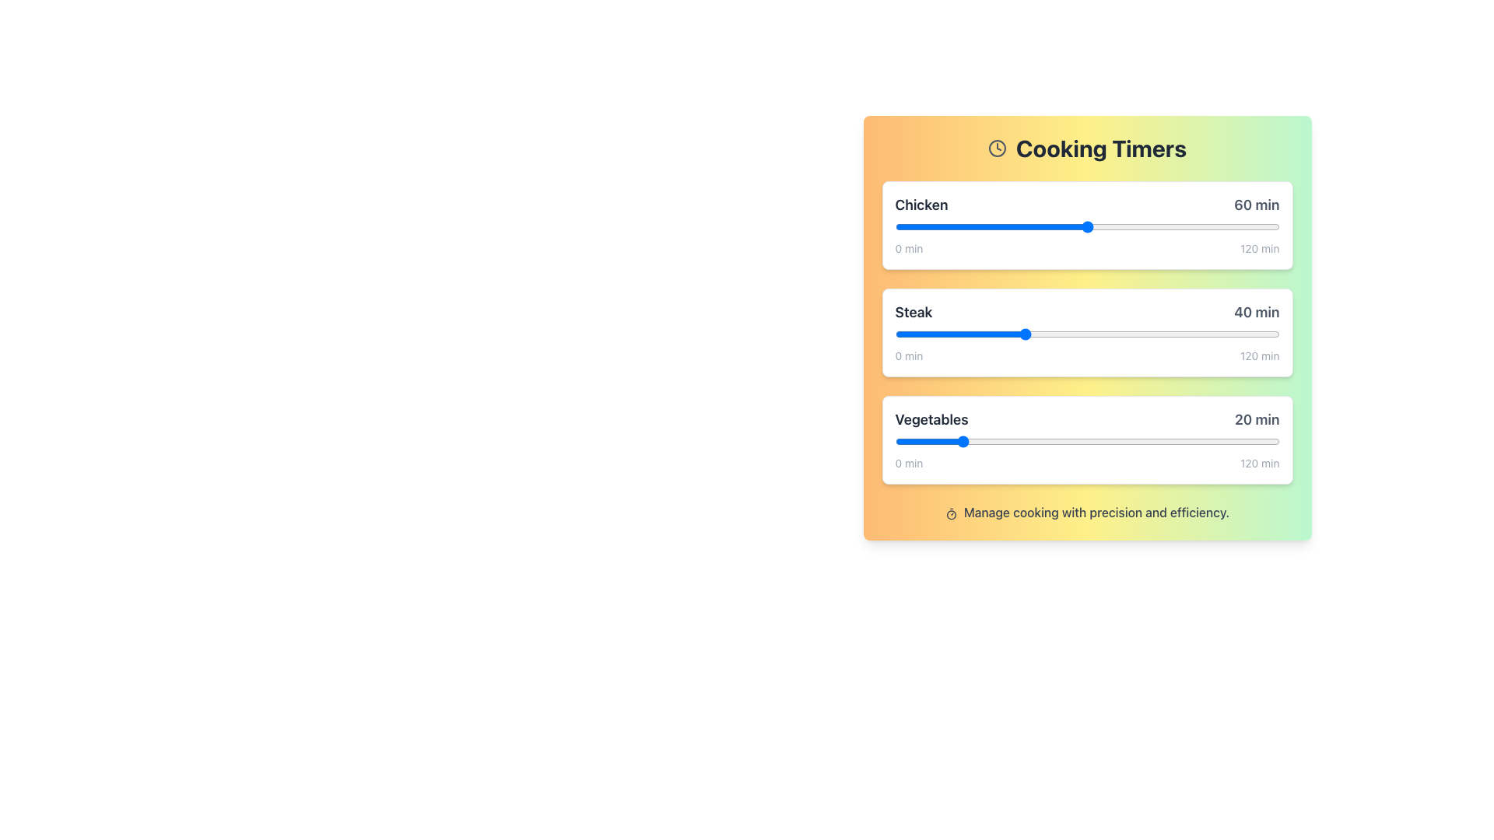 The width and height of the screenshot is (1494, 840). What do you see at coordinates (1266, 441) in the screenshot?
I see `the timer for vegetables` at bounding box center [1266, 441].